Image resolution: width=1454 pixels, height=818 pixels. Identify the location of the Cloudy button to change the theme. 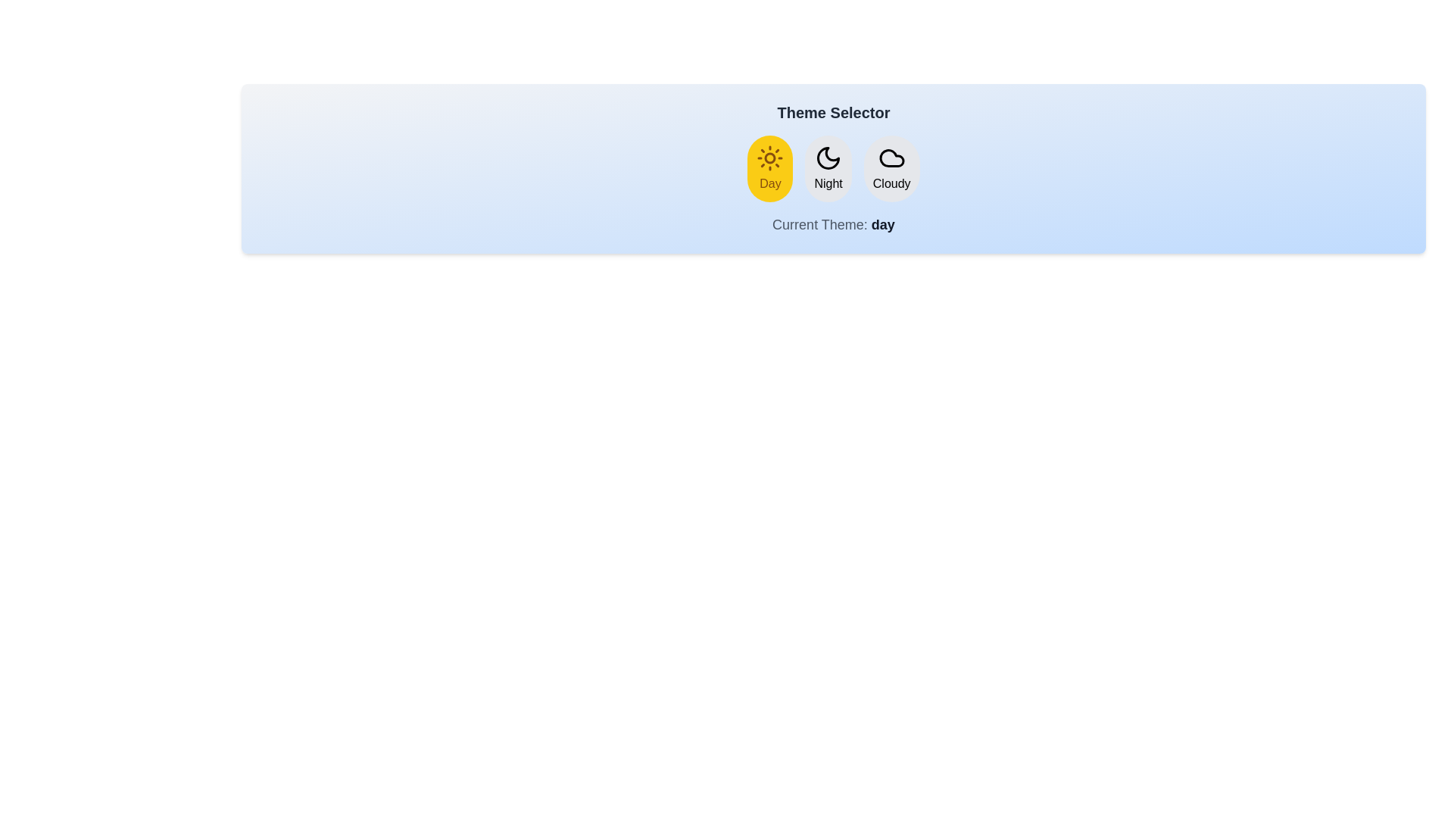
(891, 169).